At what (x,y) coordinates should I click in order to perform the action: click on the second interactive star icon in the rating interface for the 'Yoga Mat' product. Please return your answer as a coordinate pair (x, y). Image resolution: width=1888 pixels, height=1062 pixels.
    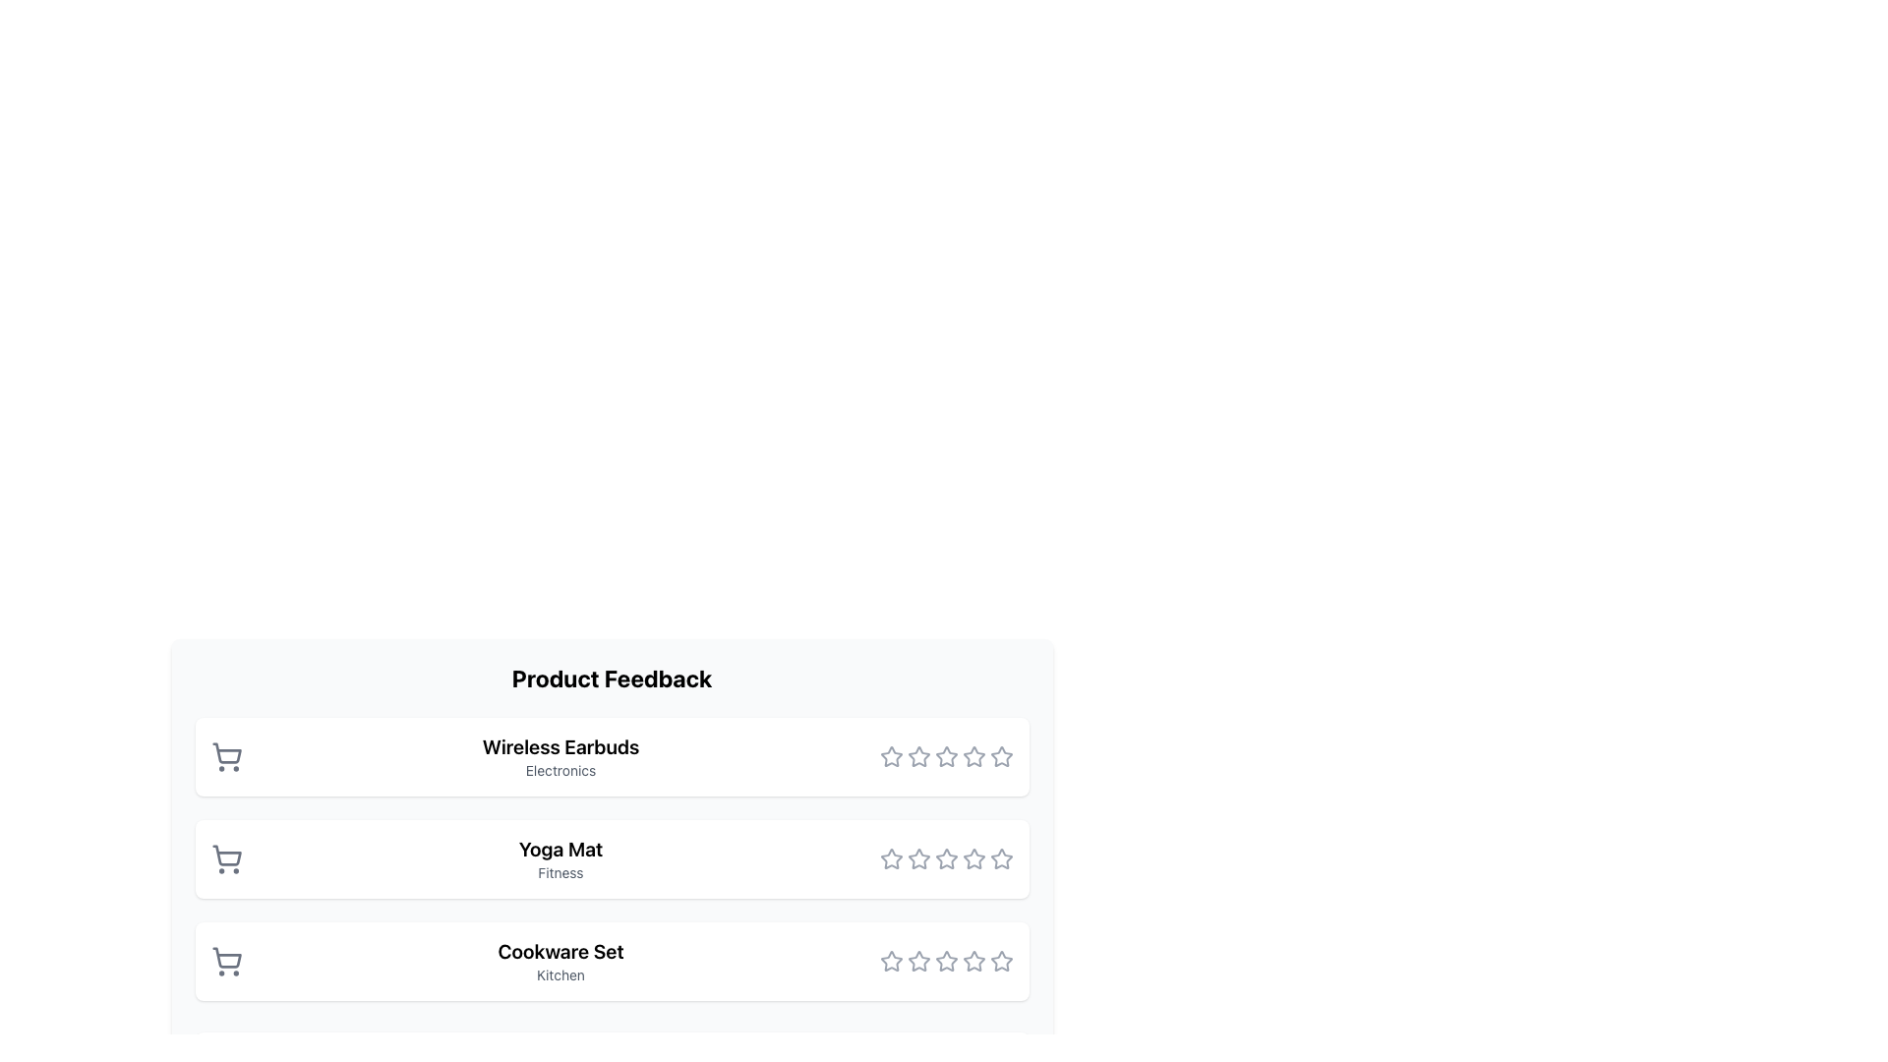
    Looking at the image, I should click on (917, 857).